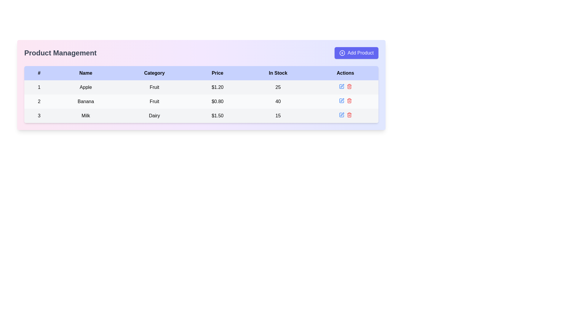 This screenshot has width=569, height=320. What do you see at coordinates (349, 100) in the screenshot?
I see `the delete button in the Actions column of the second data row in the table` at bounding box center [349, 100].